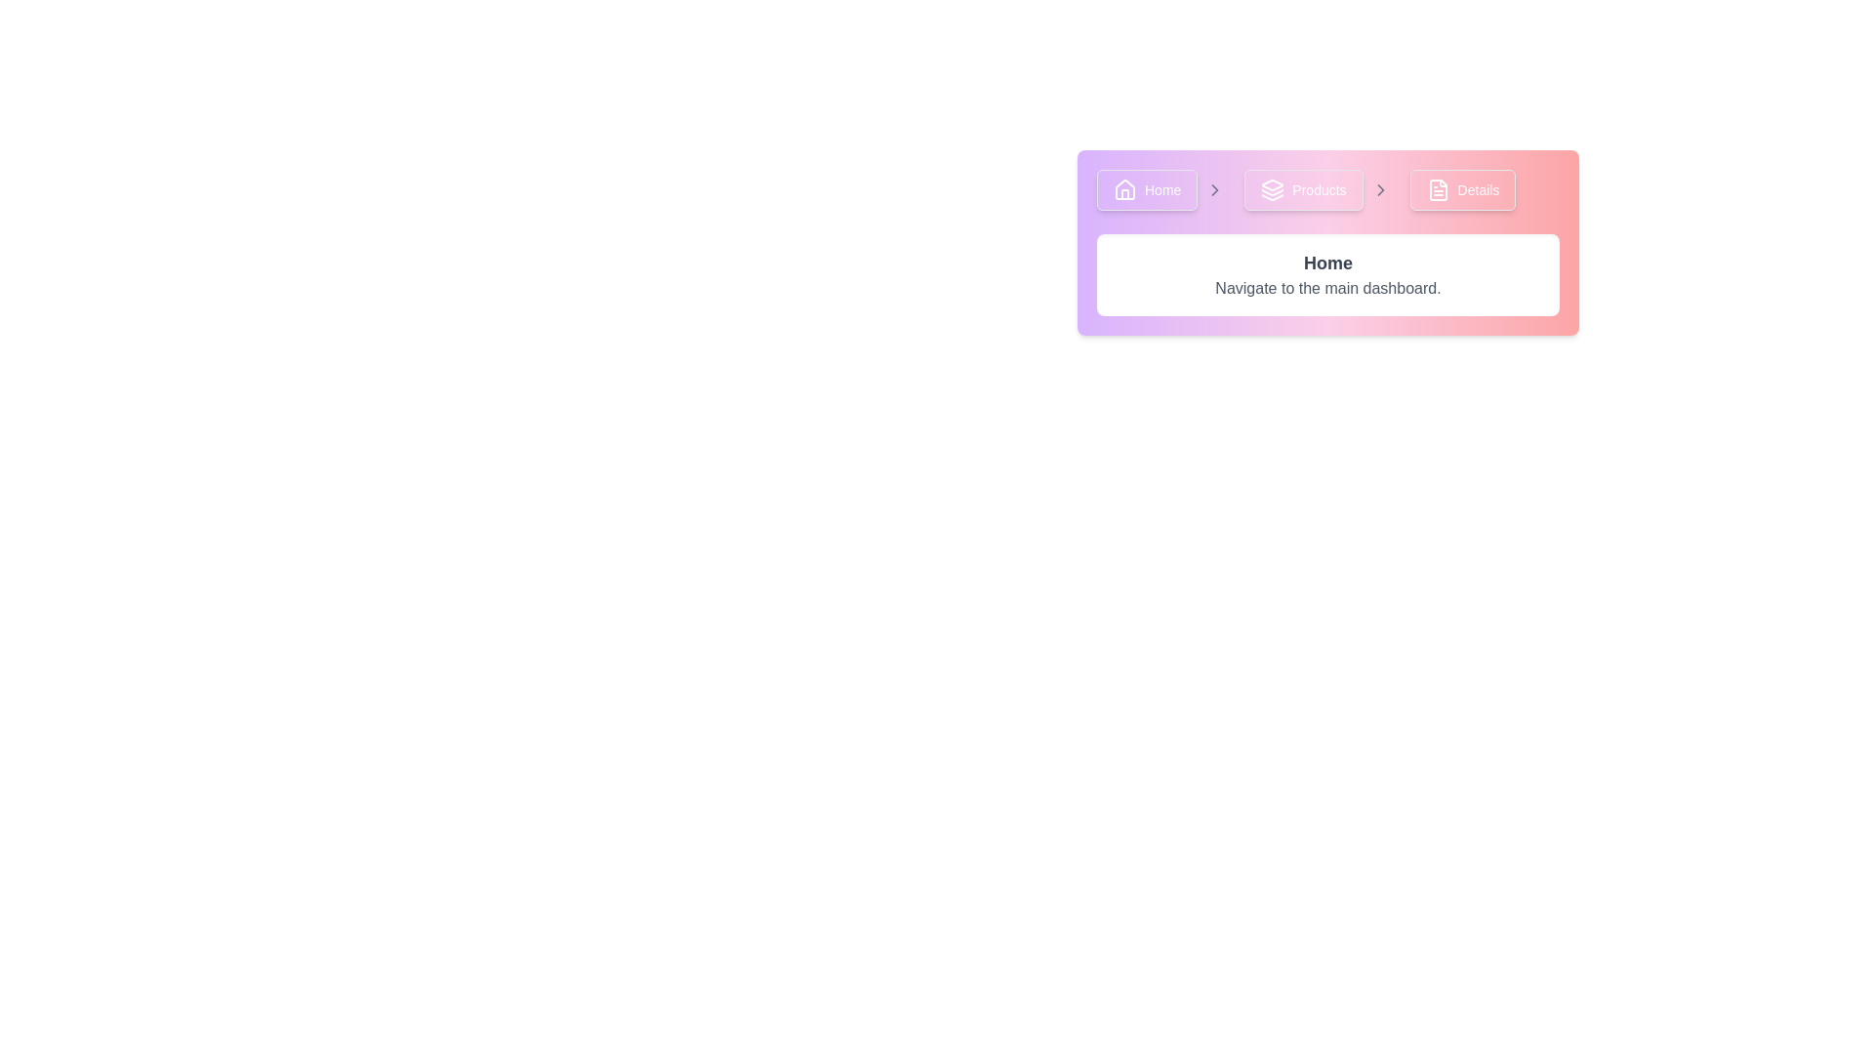 The height and width of the screenshot is (1054, 1874). Describe the element at coordinates (1124, 194) in the screenshot. I see `the 'Home' icon in the breadcrumb navigation bar, which resembles a house with a rectangular bottom and triangular roof, located at the top-left with a purple background` at that location.